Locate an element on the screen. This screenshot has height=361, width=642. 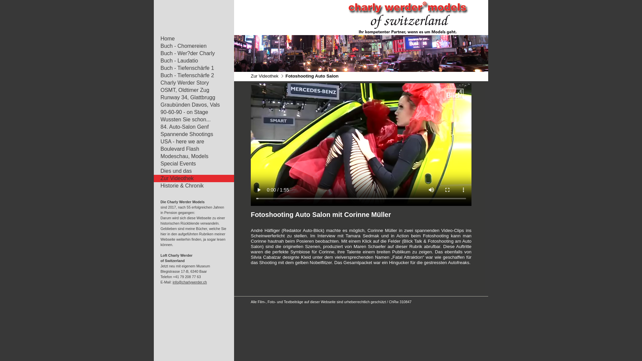
'OSMT, Oldtimer Zug' is located at coordinates (190, 90).